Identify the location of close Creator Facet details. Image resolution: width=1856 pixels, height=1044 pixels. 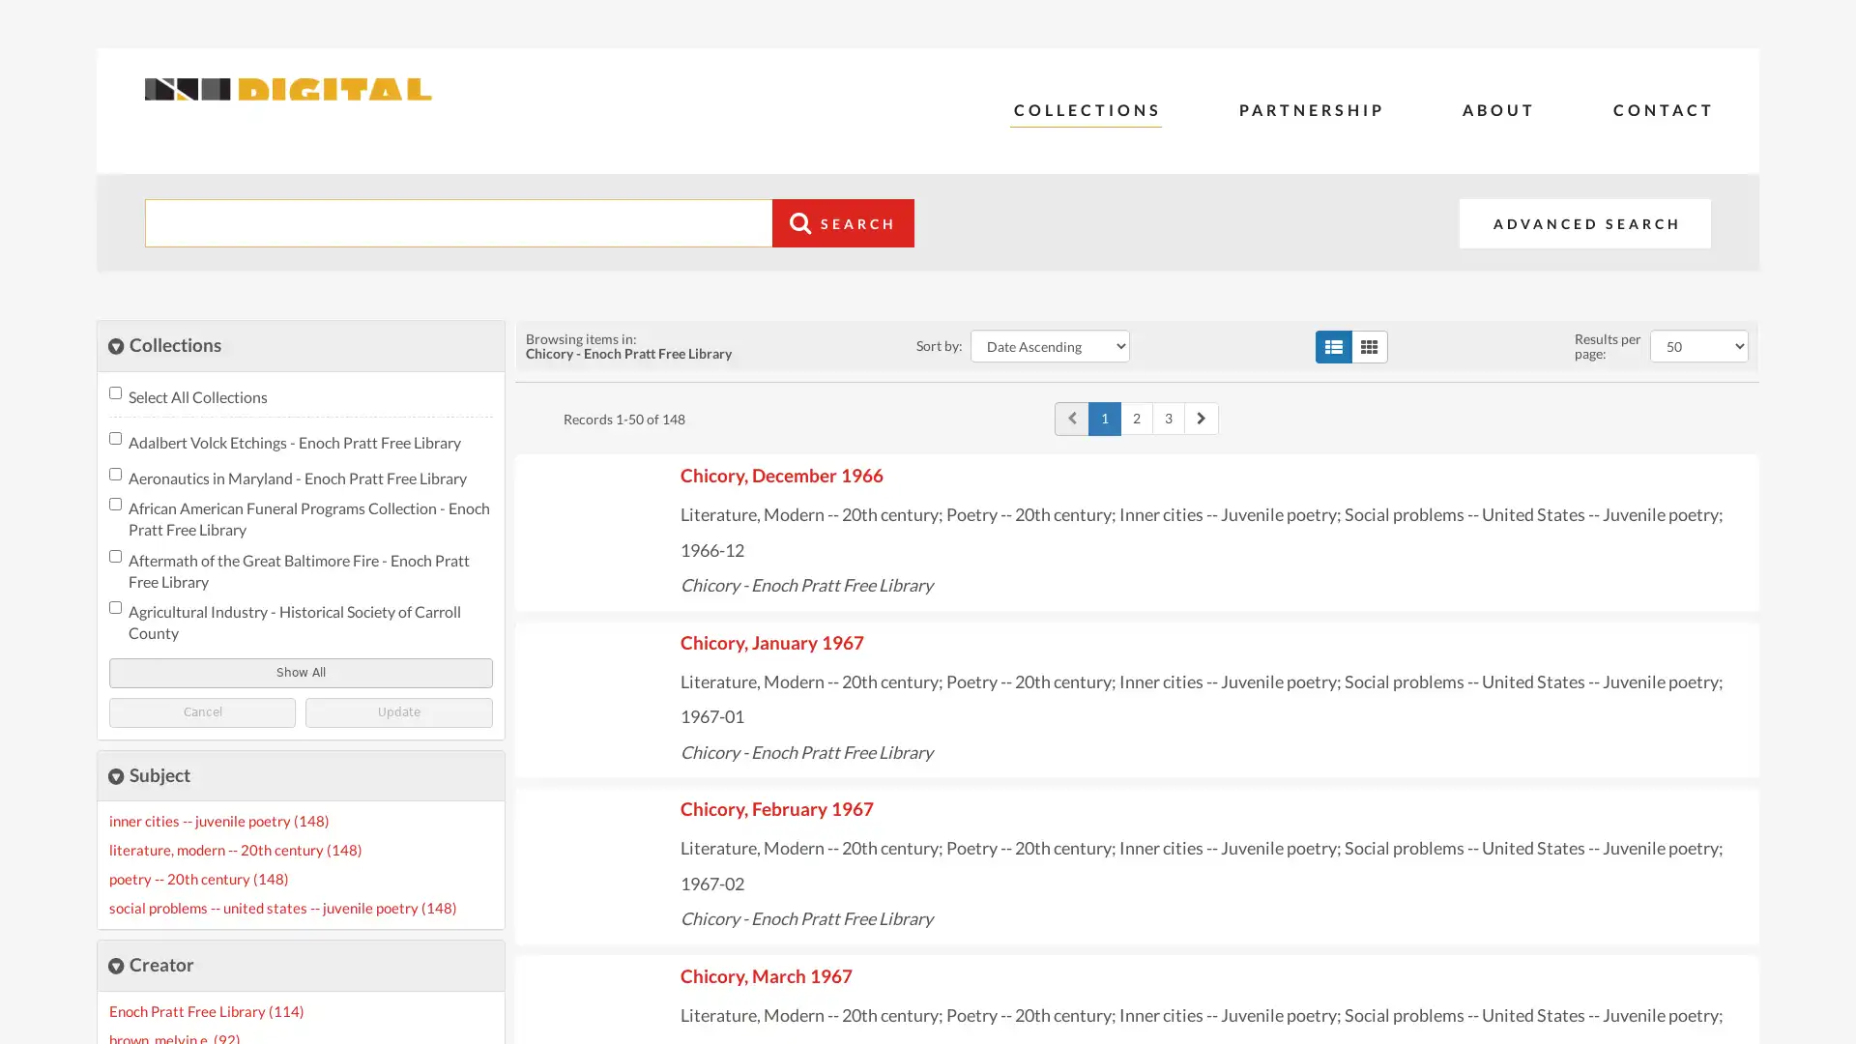
(148, 964).